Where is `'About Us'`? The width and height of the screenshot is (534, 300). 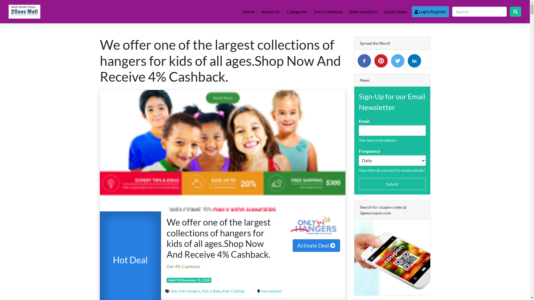 'About Us' is located at coordinates (259, 12).